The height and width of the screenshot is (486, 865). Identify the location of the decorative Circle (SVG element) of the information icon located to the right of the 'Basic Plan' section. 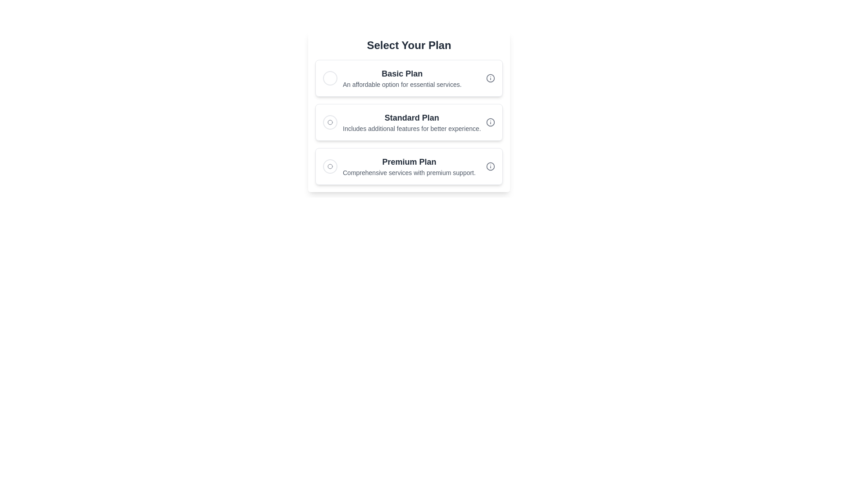
(490, 77).